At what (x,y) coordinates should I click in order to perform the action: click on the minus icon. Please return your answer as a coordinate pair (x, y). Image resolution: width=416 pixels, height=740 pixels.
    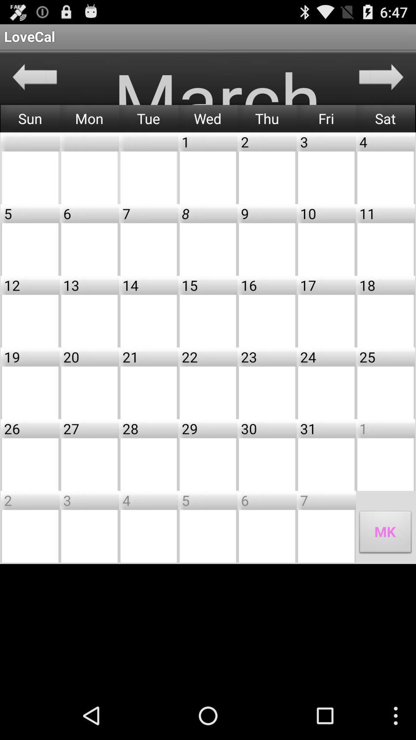
    Looking at the image, I should click on (207, 573).